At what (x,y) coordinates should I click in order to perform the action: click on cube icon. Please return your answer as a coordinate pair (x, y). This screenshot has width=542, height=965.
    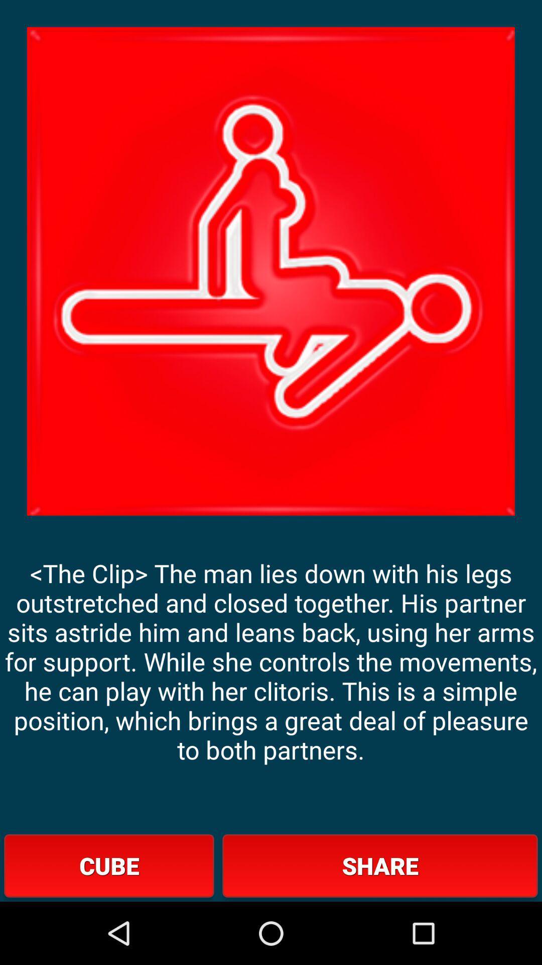
    Looking at the image, I should click on (109, 865).